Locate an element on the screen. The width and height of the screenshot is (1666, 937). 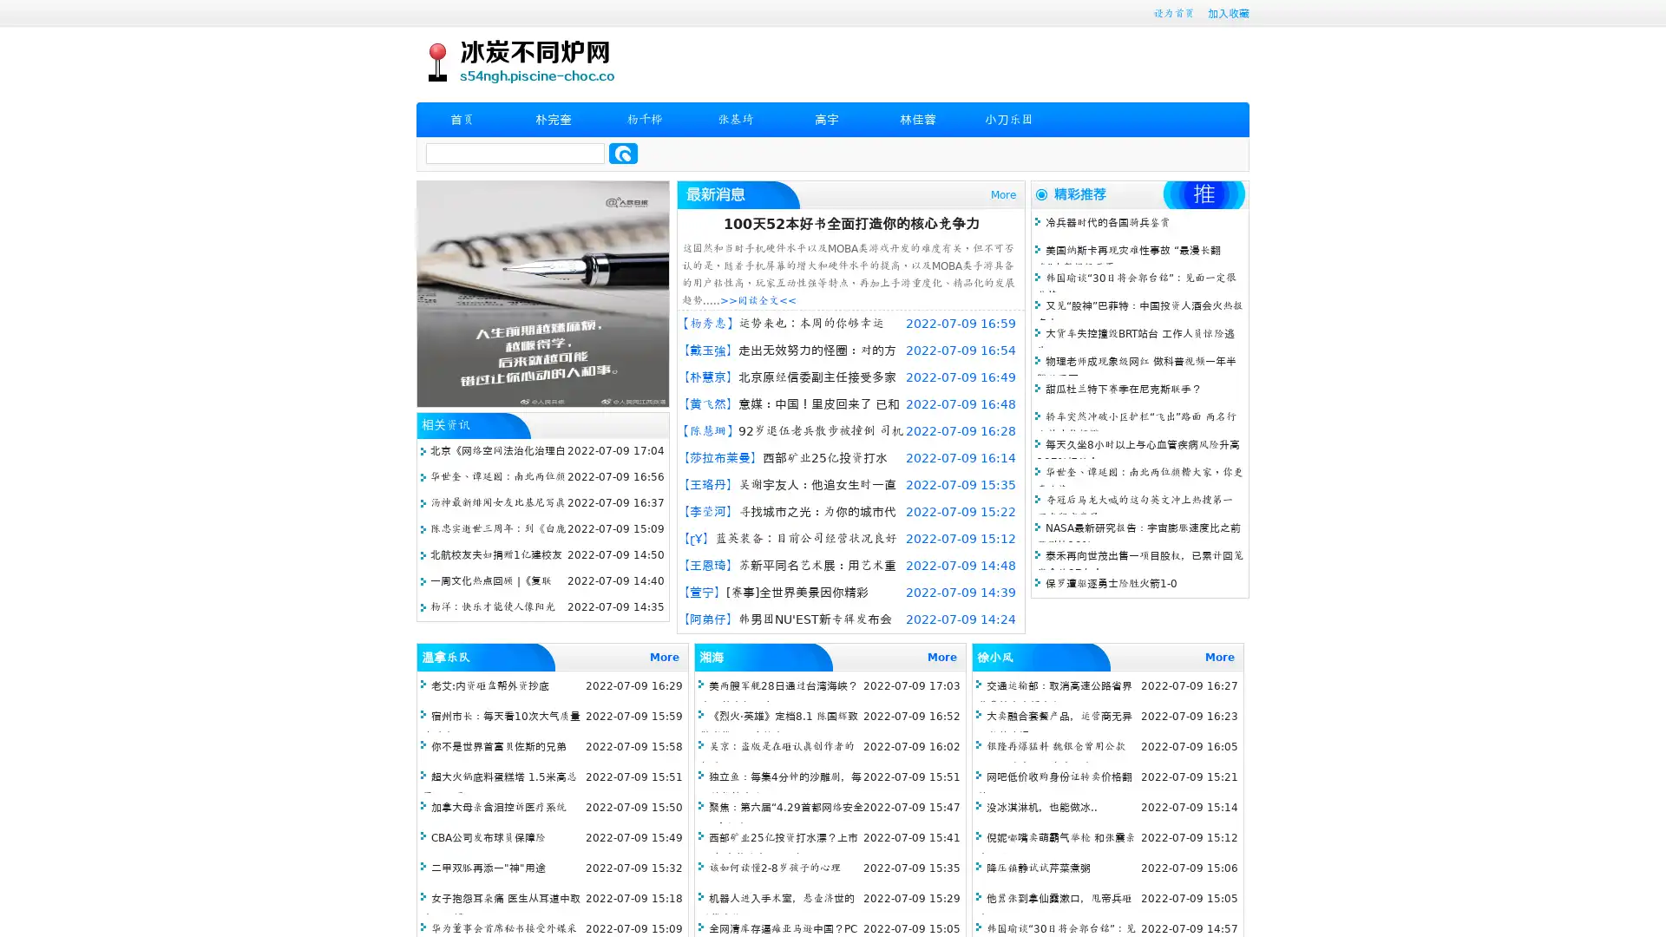
Search is located at coordinates (623, 153).